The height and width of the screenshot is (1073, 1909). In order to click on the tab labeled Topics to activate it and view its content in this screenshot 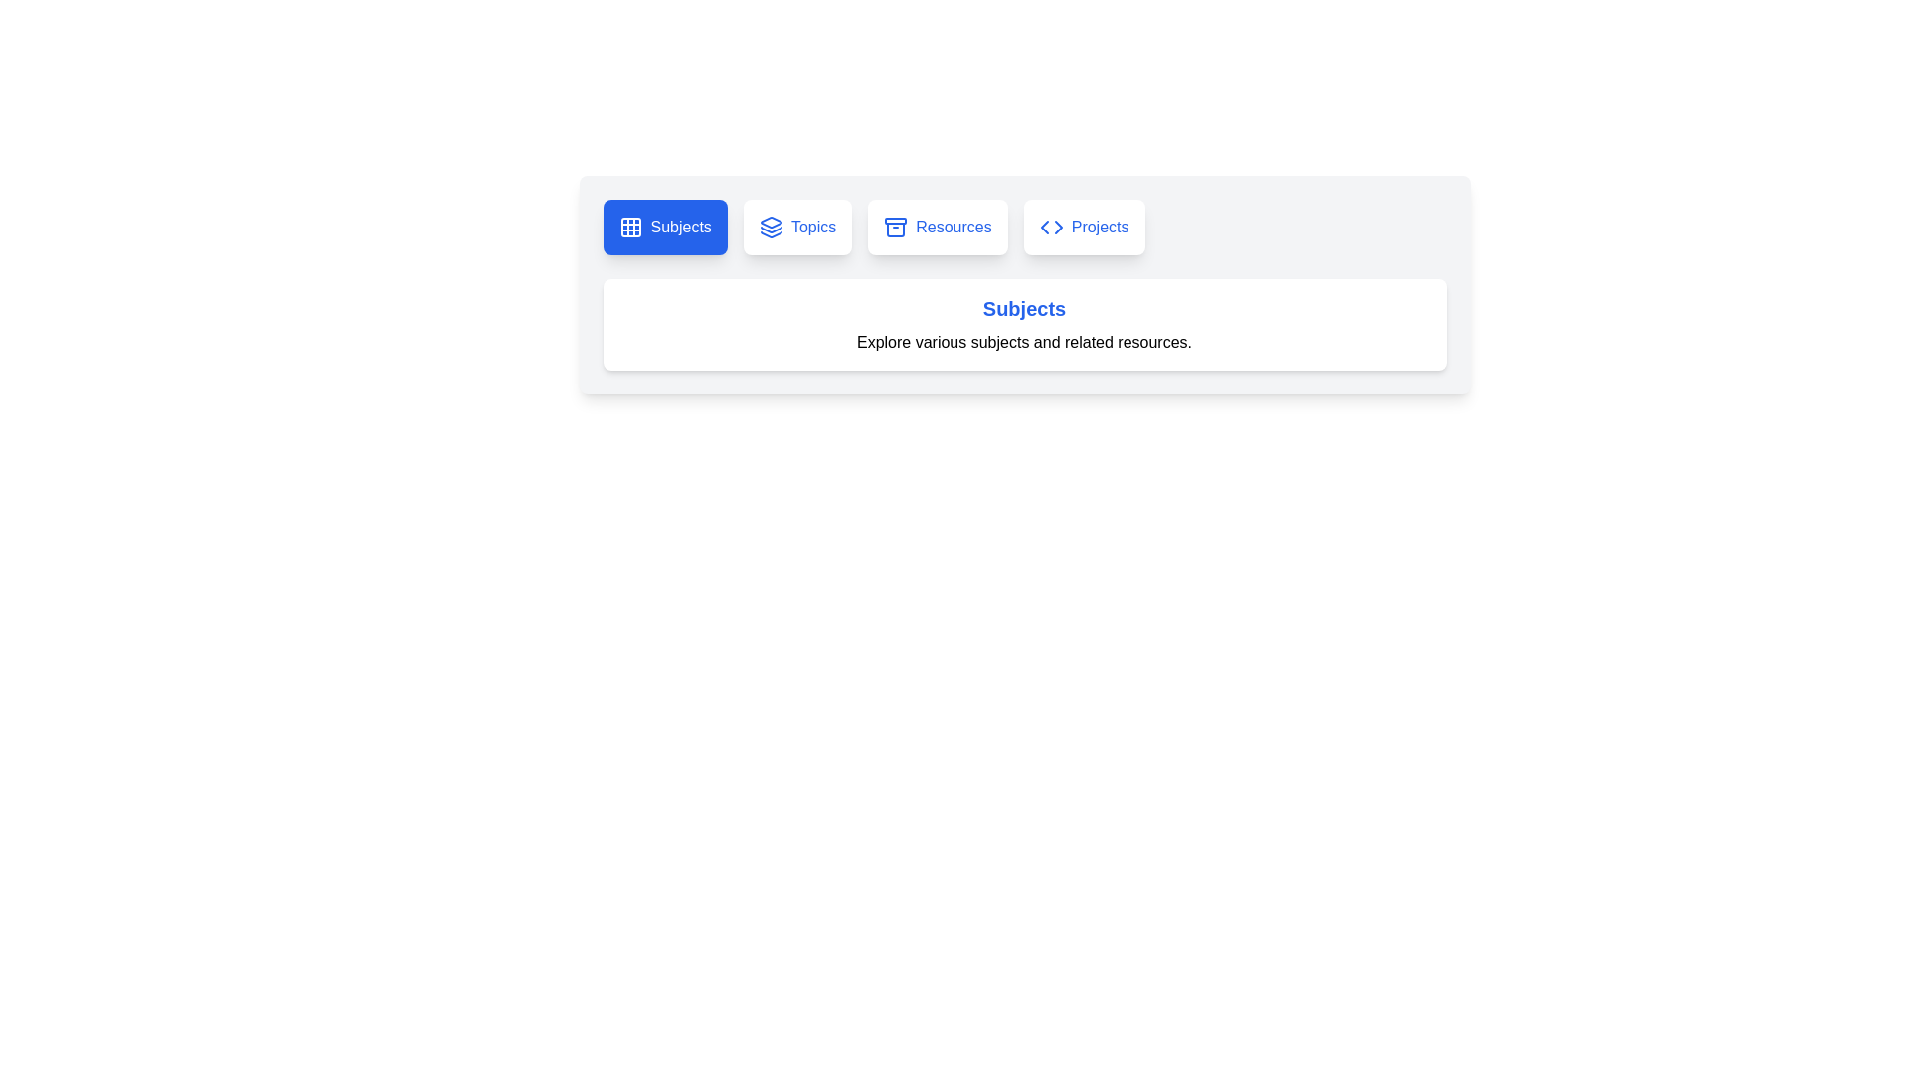, I will do `click(797, 226)`.